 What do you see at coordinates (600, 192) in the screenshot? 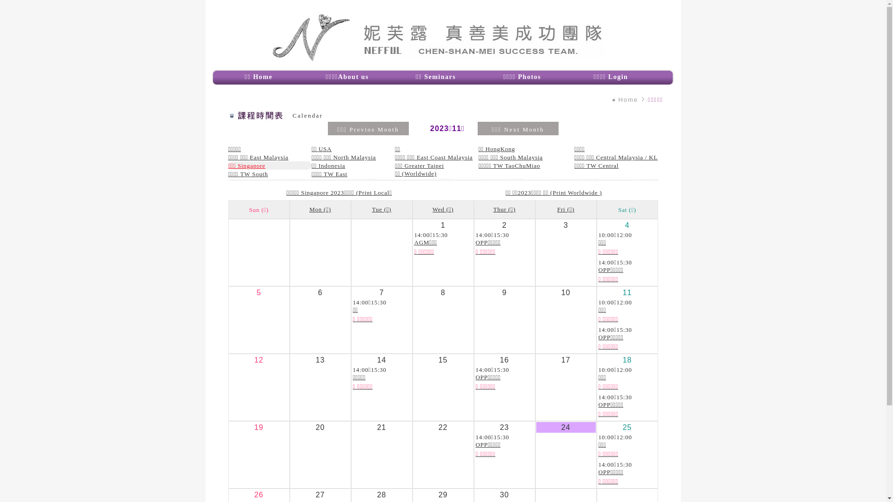
I see `')'` at bounding box center [600, 192].